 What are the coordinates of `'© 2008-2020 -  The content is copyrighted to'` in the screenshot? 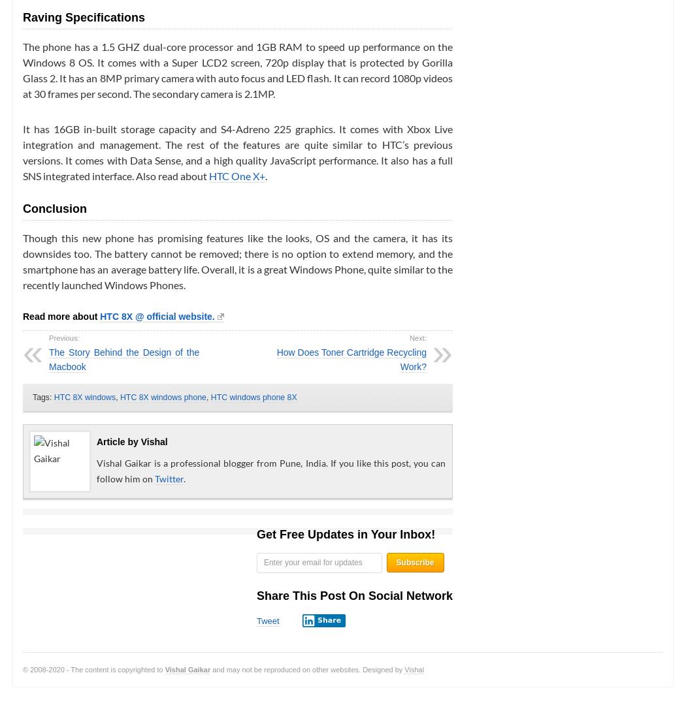 It's located at (93, 668).